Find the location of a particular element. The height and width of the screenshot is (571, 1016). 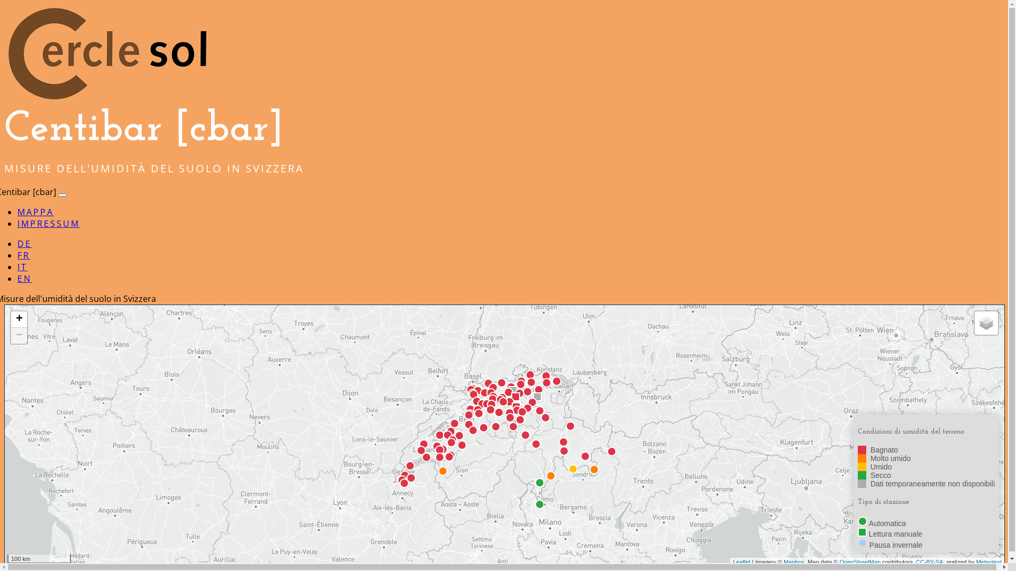

'DE' is located at coordinates (24, 244).